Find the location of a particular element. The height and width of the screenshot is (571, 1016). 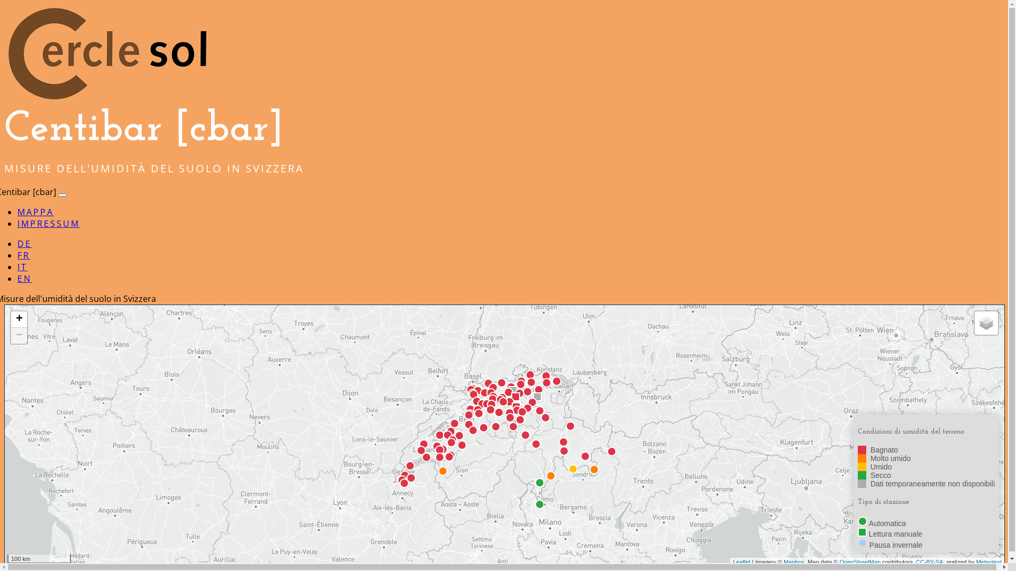

'DE' is located at coordinates (24, 244).